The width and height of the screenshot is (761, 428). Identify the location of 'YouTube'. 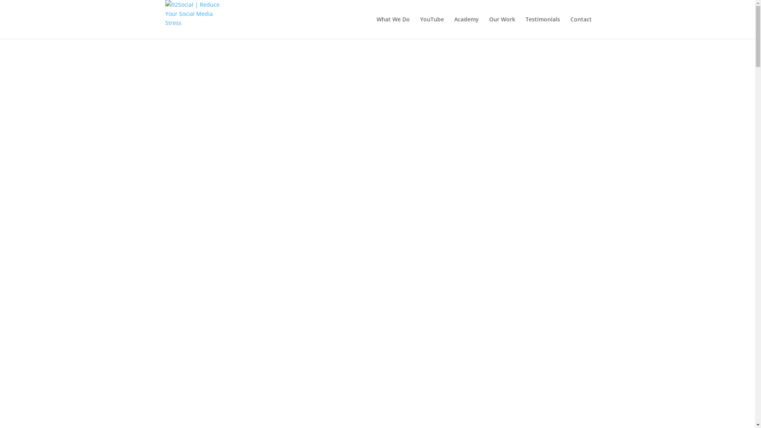
(431, 27).